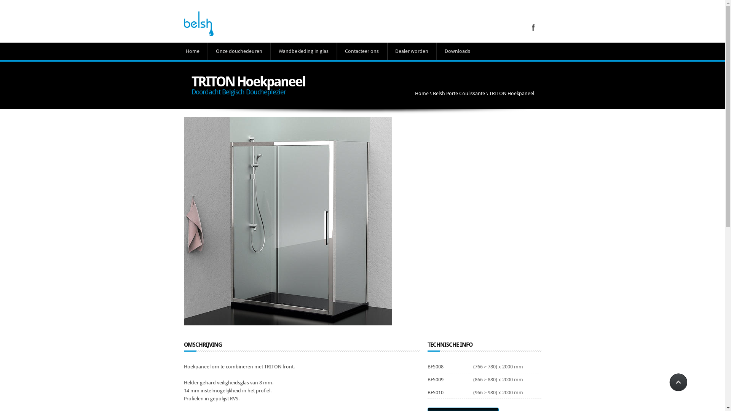 This screenshot has width=731, height=411. What do you see at coordinates (421, 93) in the screenshot?
I see `'Home'` at bounding box center [421, 93].